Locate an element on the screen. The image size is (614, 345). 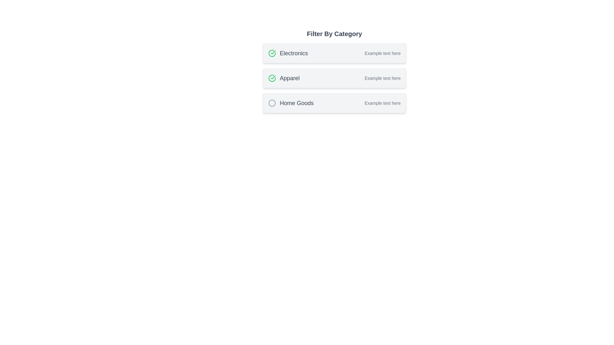
the static text label displaying 'Home Goods', which is styled with a gray color and bold font weight, located below 'Electronics' and 'Apparel' in the 'Filter By Category' section is located at coordinates (296, 103).